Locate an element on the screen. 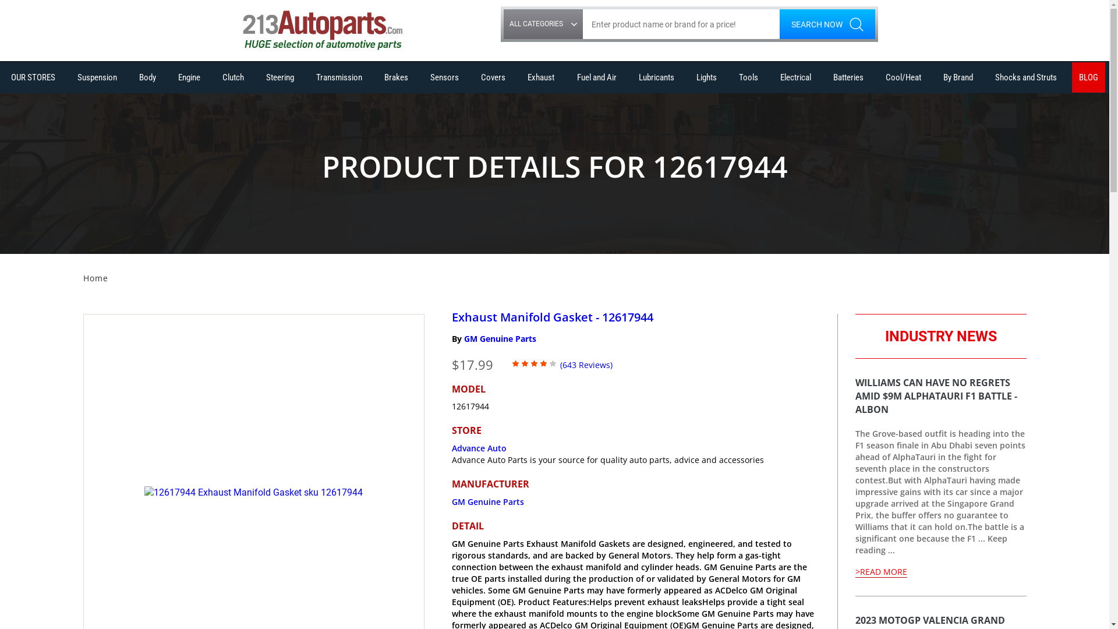  'Search now' is located at coordinates (826, 24).